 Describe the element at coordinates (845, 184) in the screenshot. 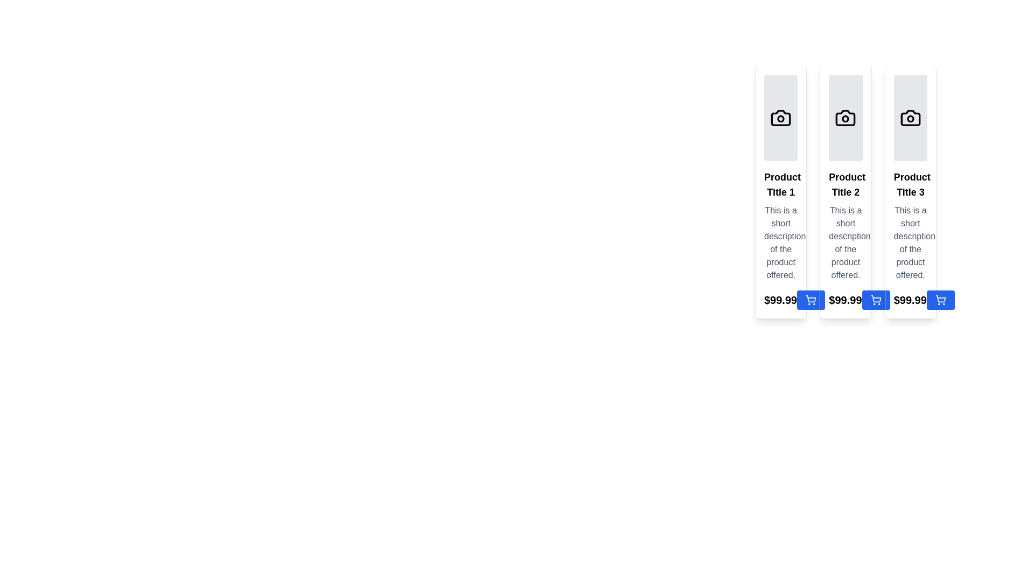

I see `the prominently styled 'Product Title 2' text label located centrally below the product icon in the second product card` at that location.